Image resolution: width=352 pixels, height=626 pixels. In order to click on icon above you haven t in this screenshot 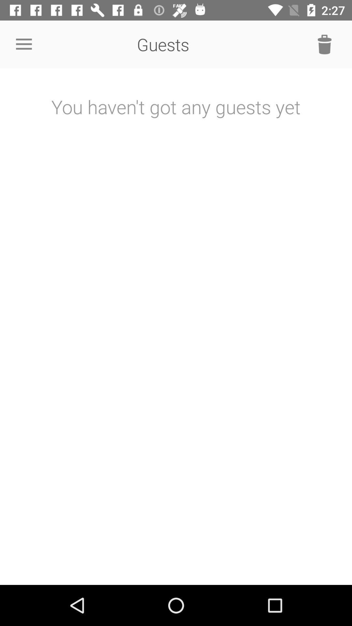, I will do `click(23, 44)`.